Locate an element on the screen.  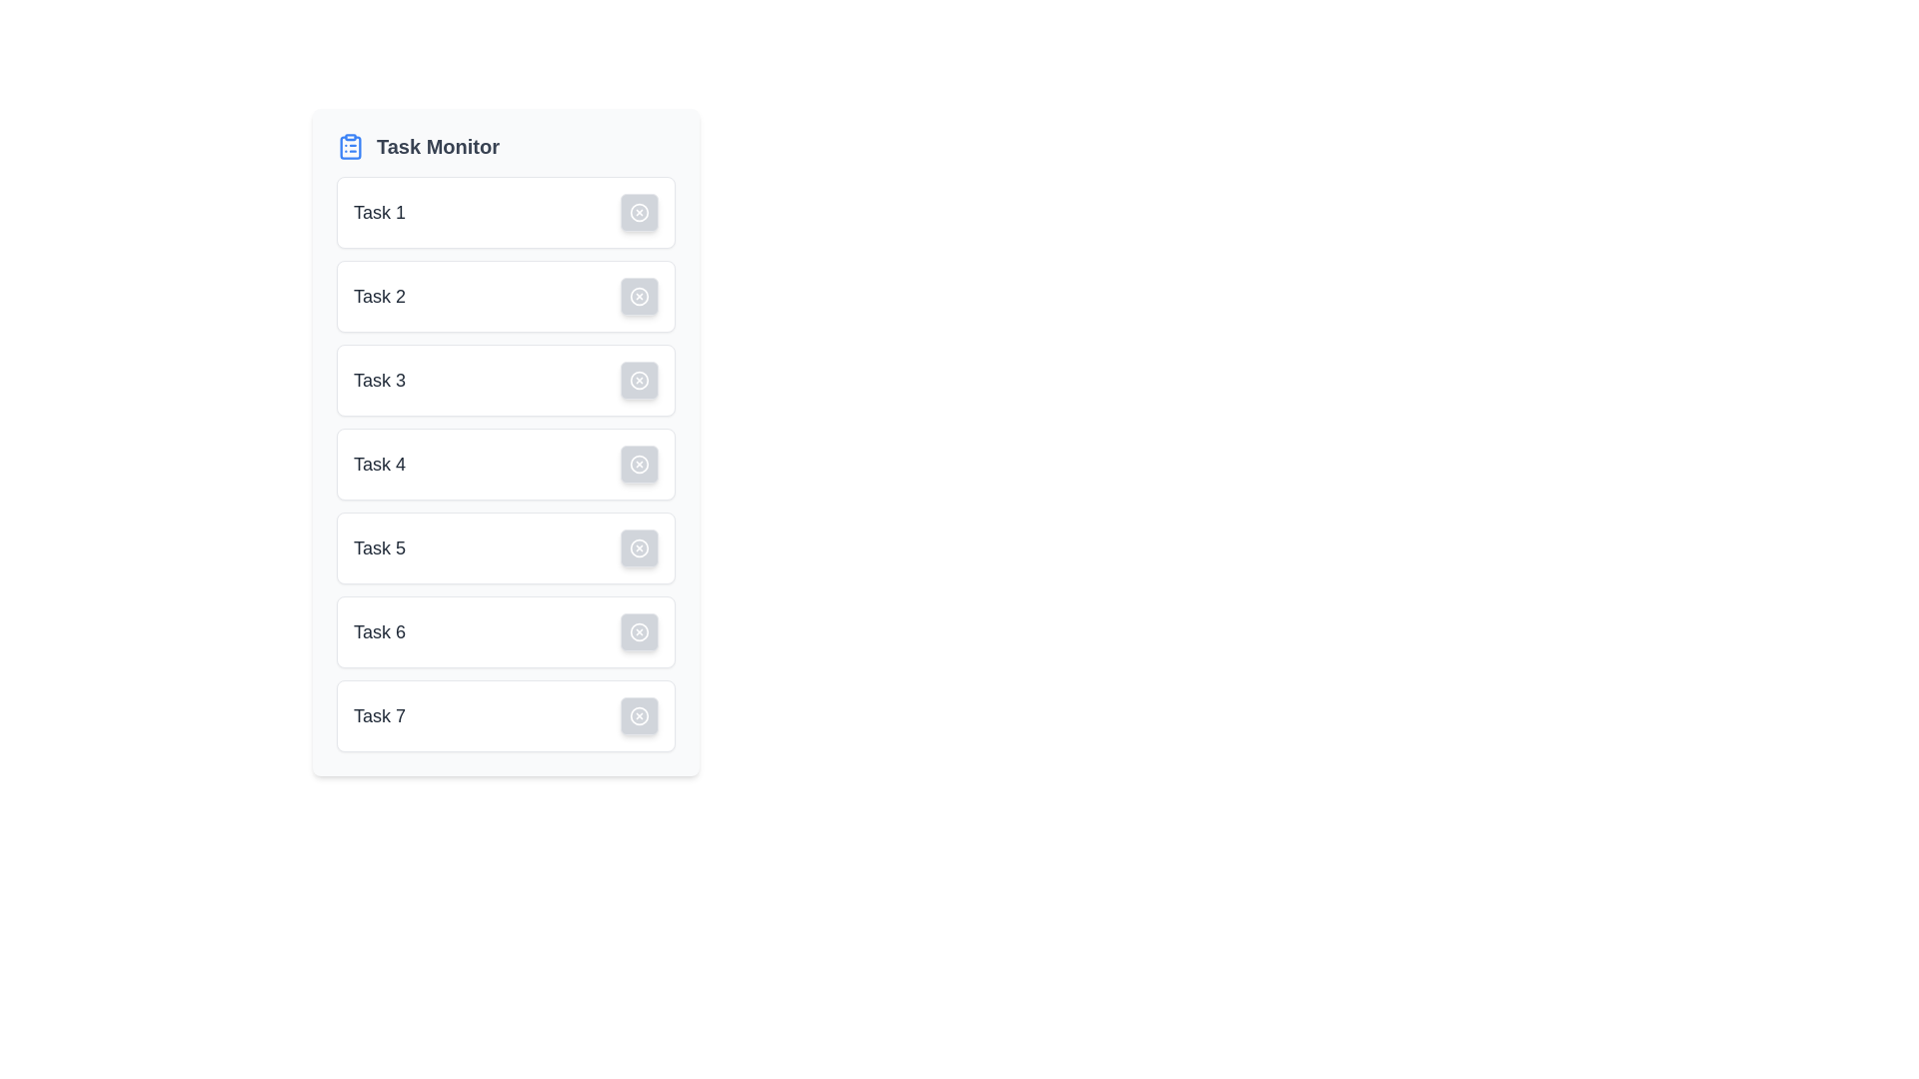
the button located to the far-right of the 'Task 6' label in the sixth row of the task list is located at coordinates (638, 631).